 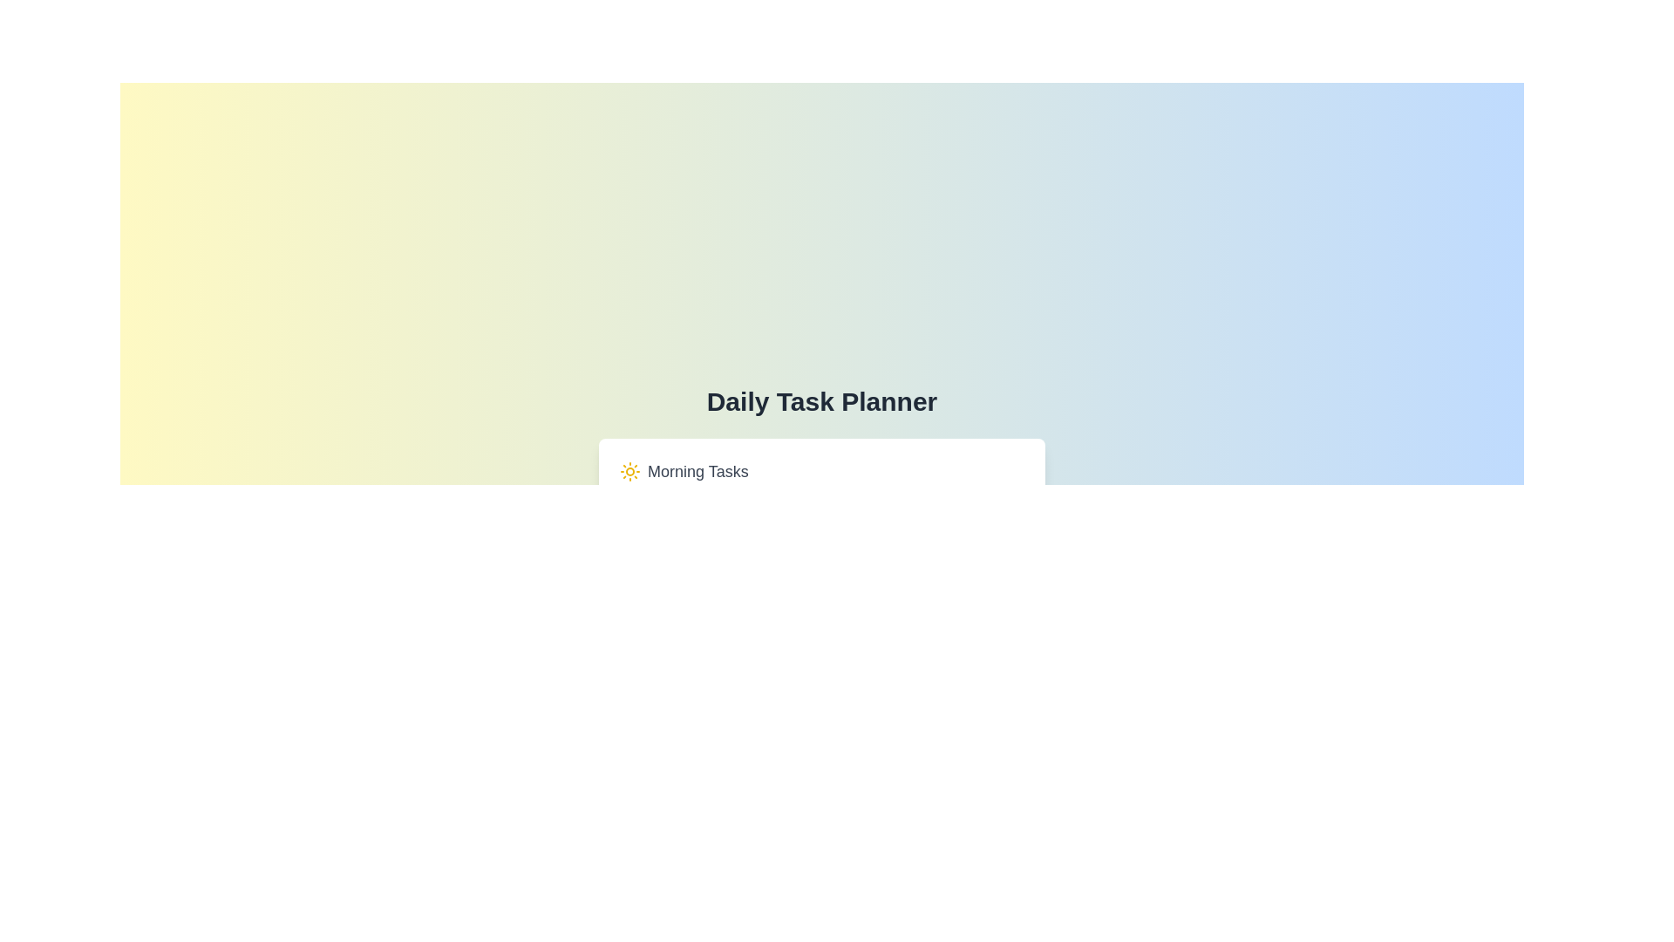 What do you see at coordinates (820, 402) in the screenshot?
I see `the 'Daily Task Planner' text display header element, which is a bold, large font label styled in black and centered within a gradient background from yellow to blue` at bounding box center [820, 402].